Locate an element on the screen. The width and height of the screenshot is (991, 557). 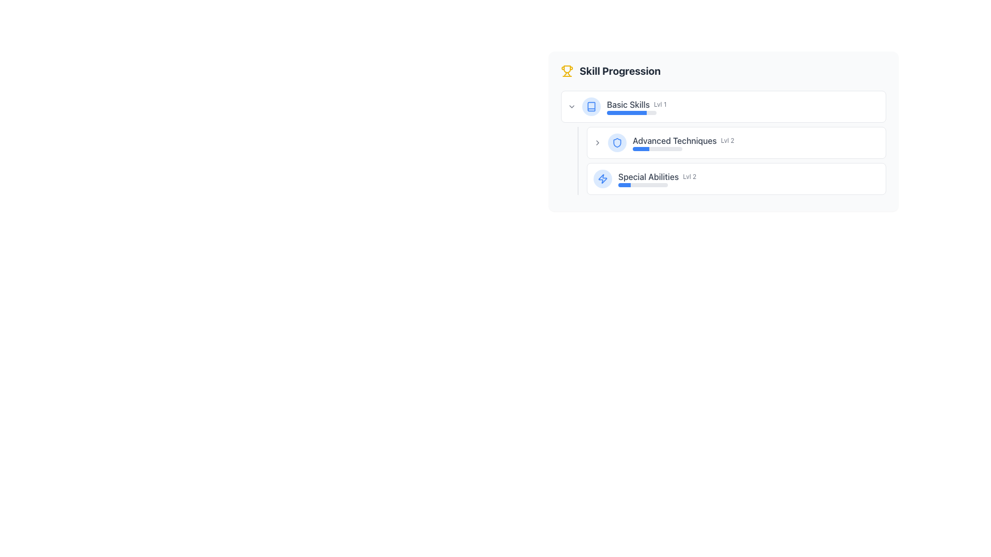
the interactive icon located in the bottom-right section of the skills display area, under the 'Special Abilities' heading is located at coordinates (602, 178).